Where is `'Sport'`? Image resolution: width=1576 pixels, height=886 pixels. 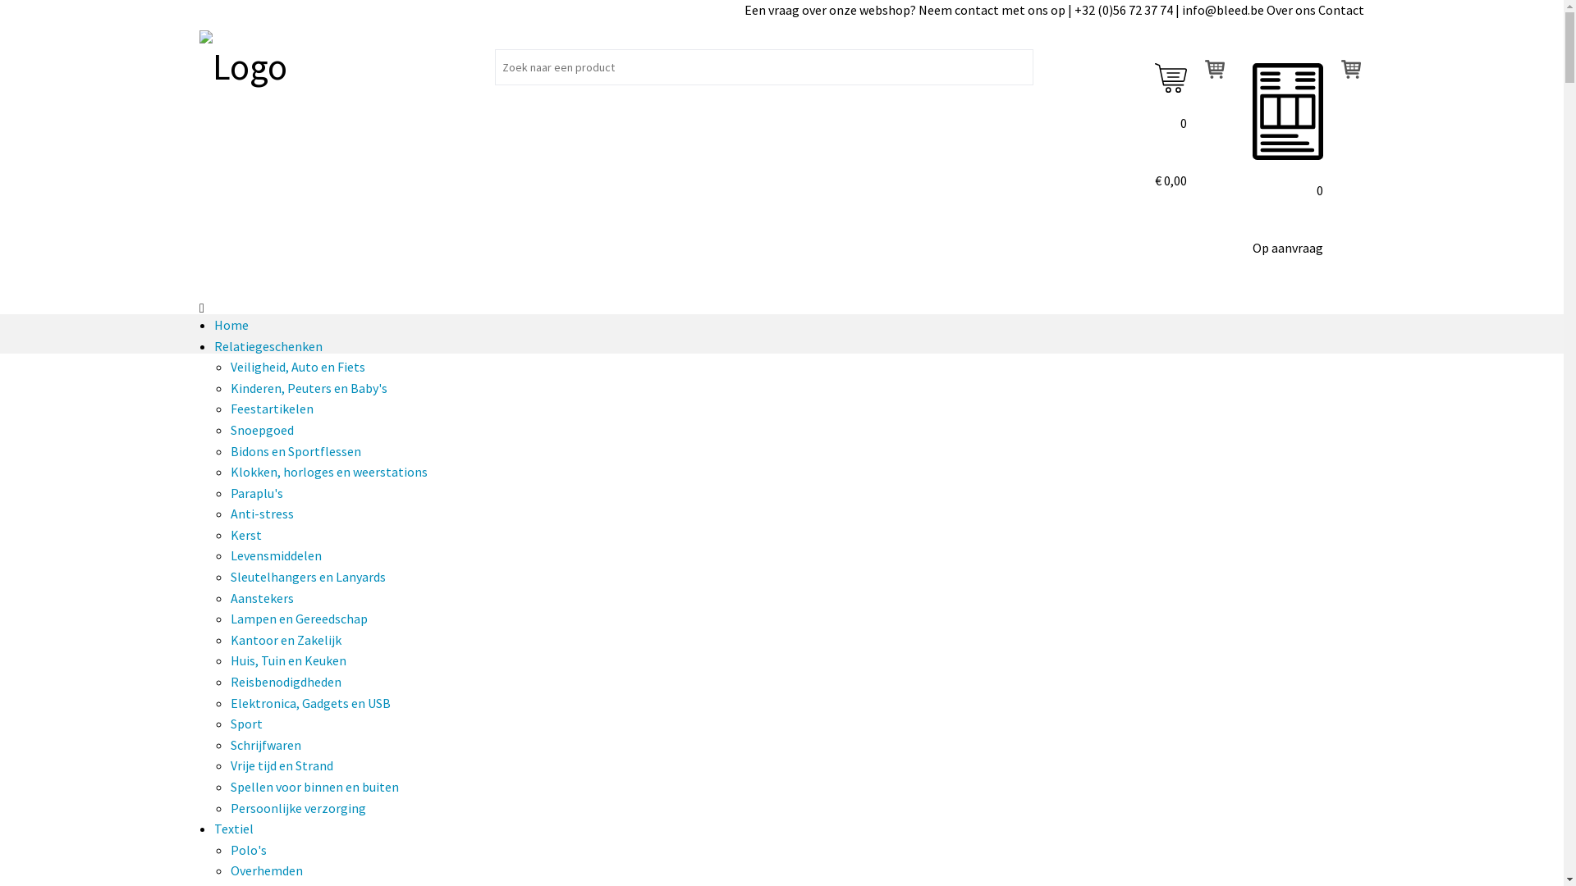
'Sport' is located at coordinates (245, 723).